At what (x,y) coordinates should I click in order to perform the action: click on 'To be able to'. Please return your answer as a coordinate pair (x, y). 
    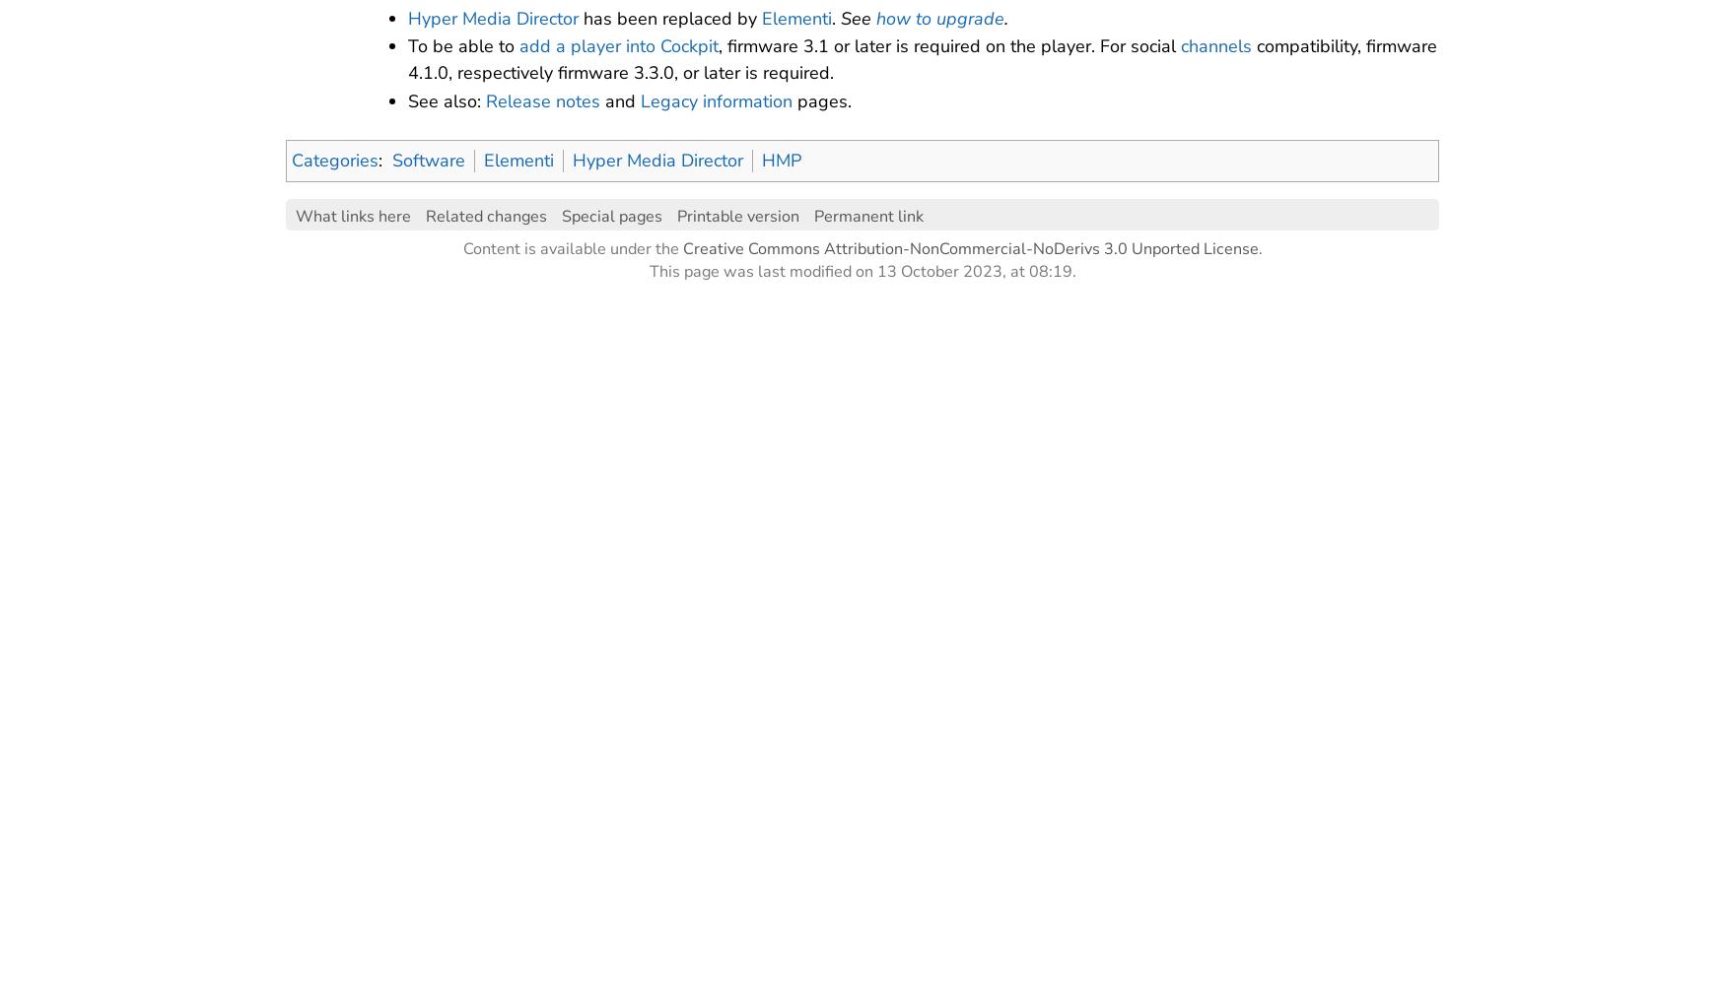
    Looking at the image, I should click on (406, 46).